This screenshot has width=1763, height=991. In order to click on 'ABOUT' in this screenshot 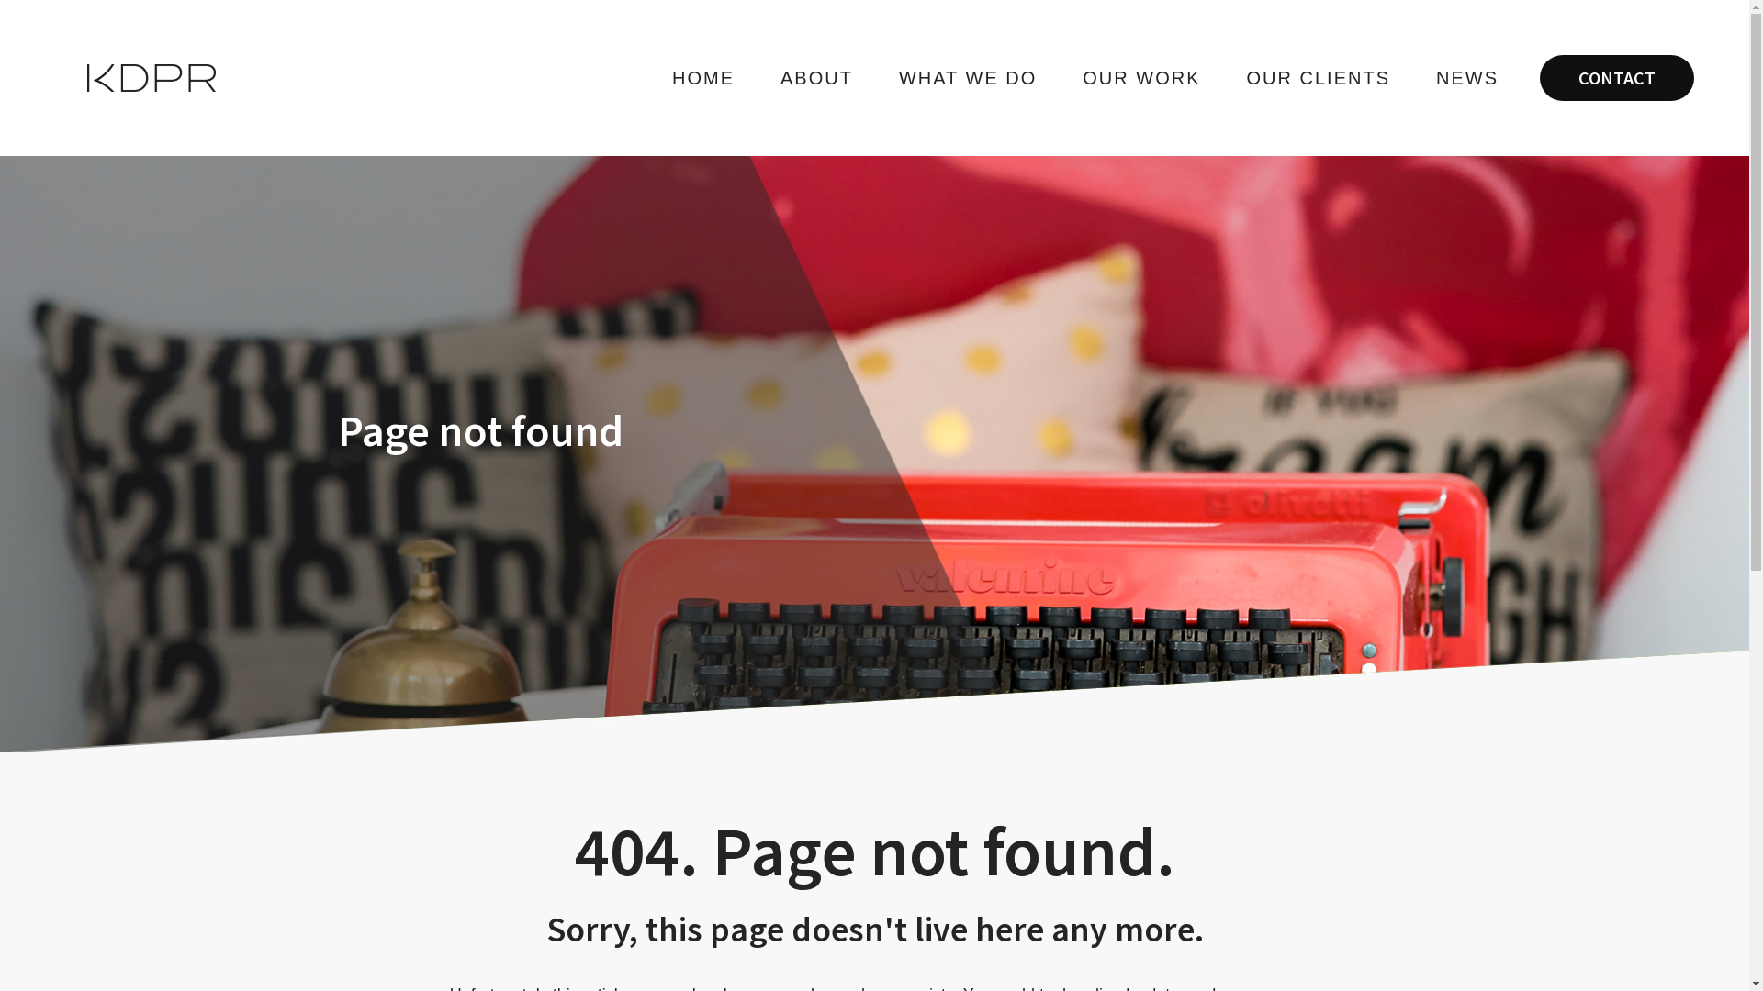, I will do `click(815, 76)`.